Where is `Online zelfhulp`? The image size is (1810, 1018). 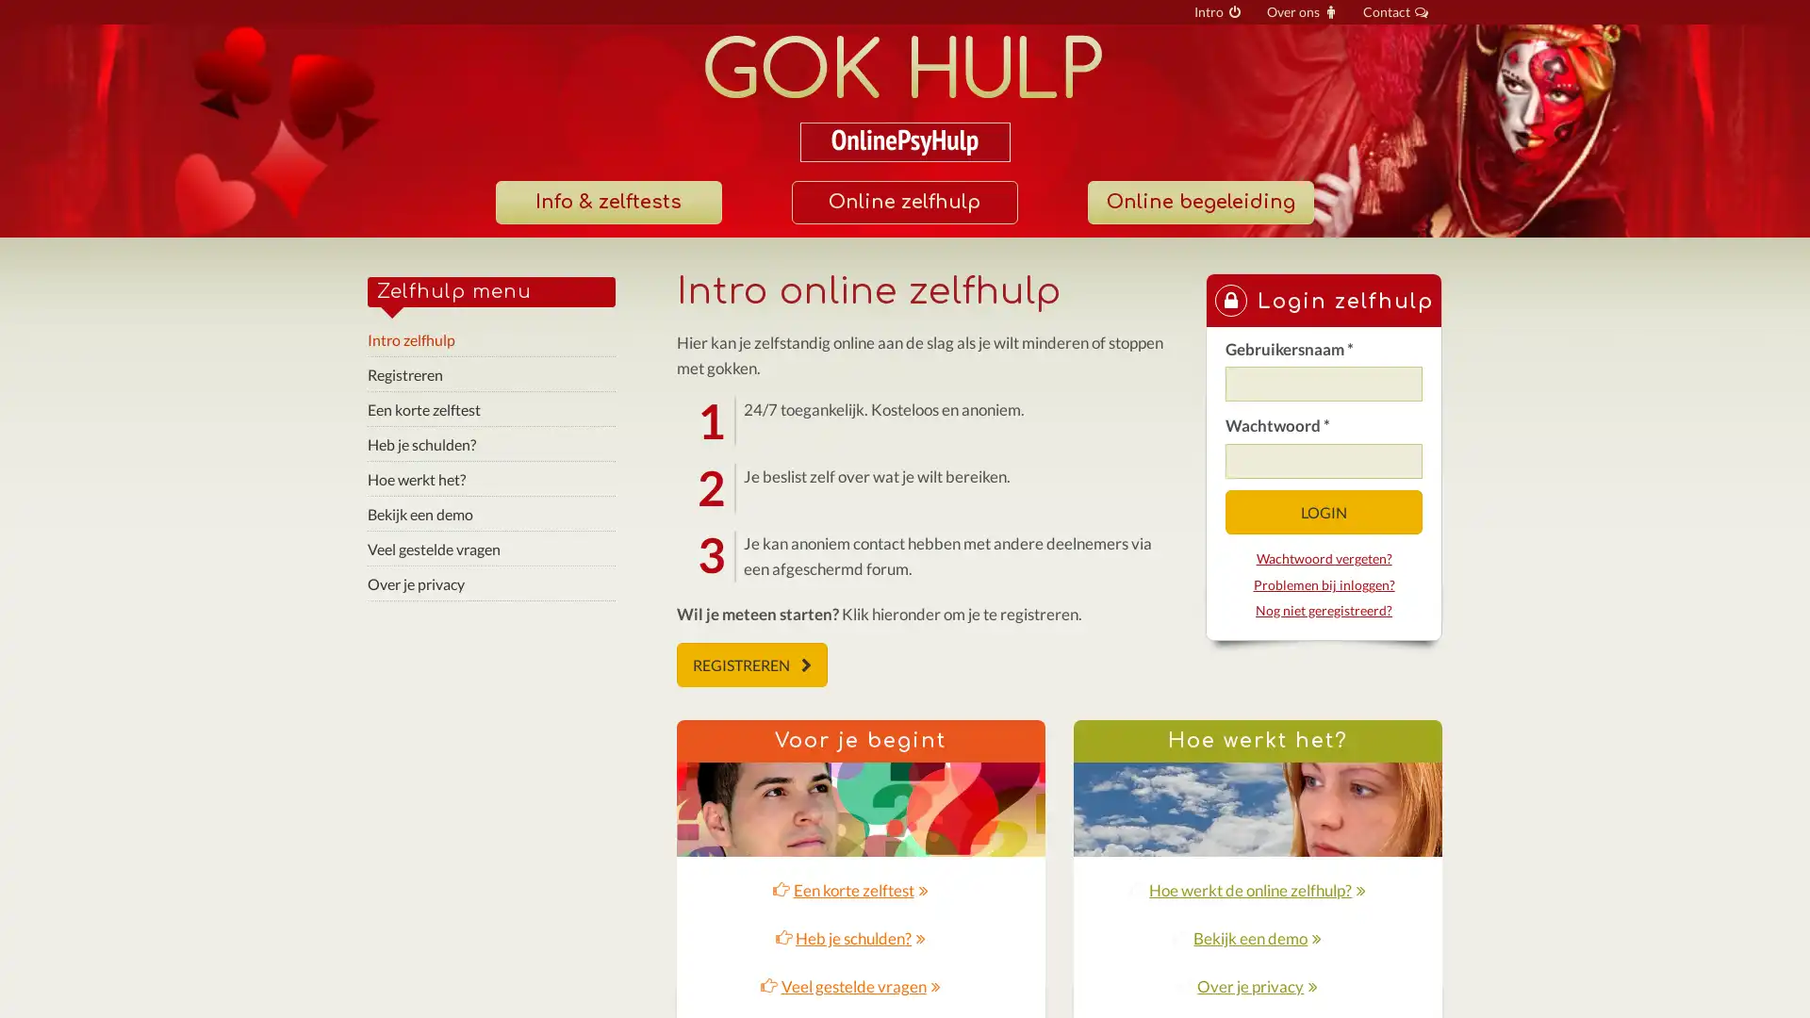 Online zelfhulp is located at coordinates (903, 203).